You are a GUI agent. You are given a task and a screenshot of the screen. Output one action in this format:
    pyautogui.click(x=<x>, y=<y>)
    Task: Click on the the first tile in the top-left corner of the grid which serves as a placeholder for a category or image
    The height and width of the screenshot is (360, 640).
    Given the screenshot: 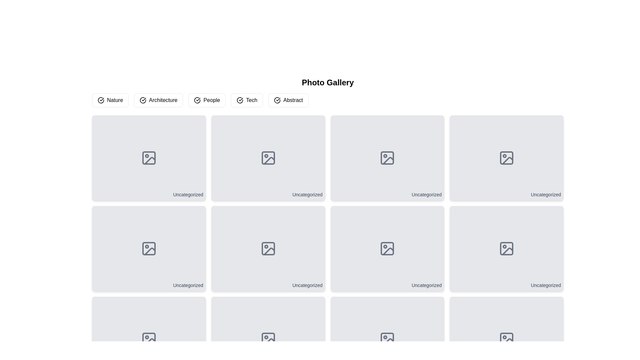 What is the action you would take?
    pyautogui.click(x=148, y=158)
    